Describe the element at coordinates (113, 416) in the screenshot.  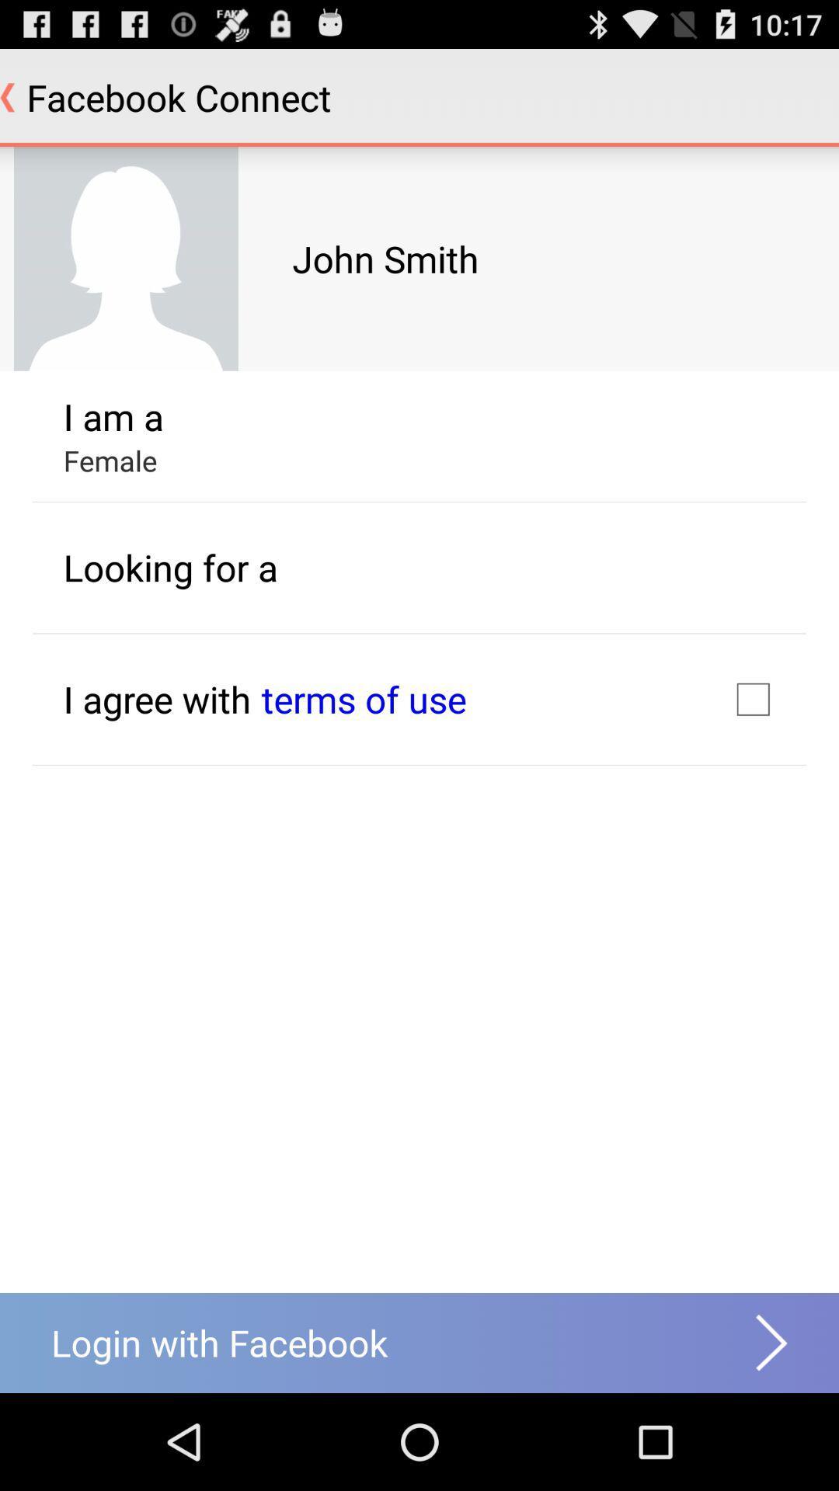
I see `i am a item` at that location.